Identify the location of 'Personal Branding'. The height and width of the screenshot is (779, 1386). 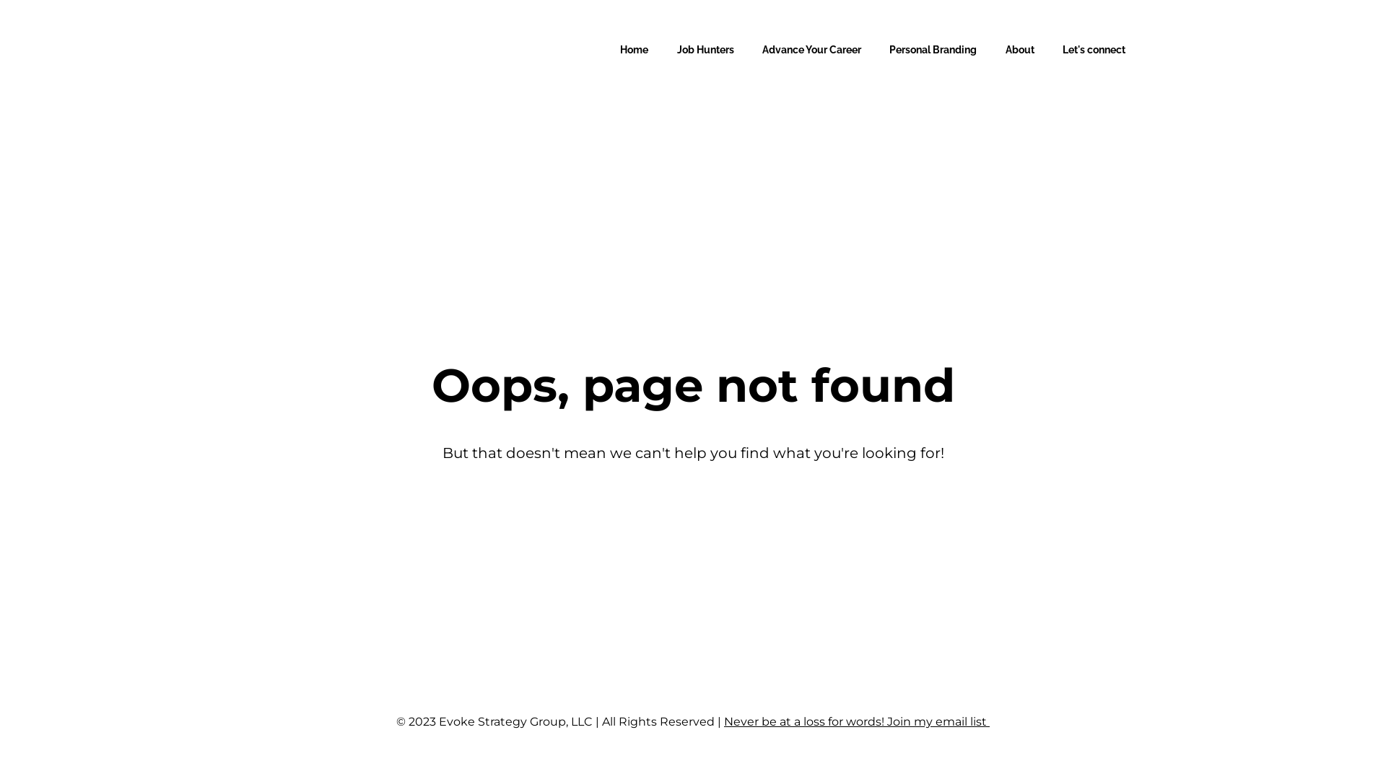
(889, 48).